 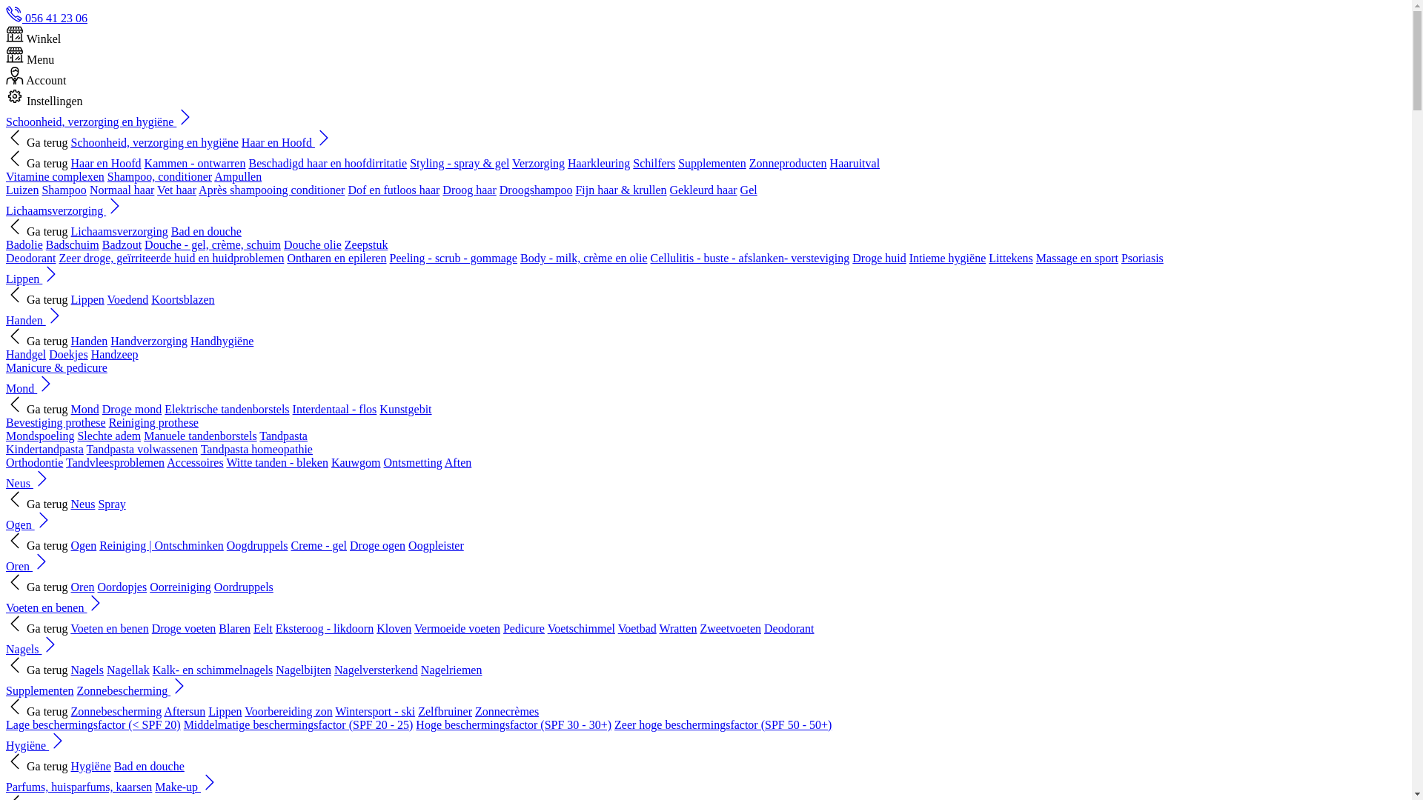 I want to click on 'Kalk- en schimmelnagels', so click(x=212, y=670).